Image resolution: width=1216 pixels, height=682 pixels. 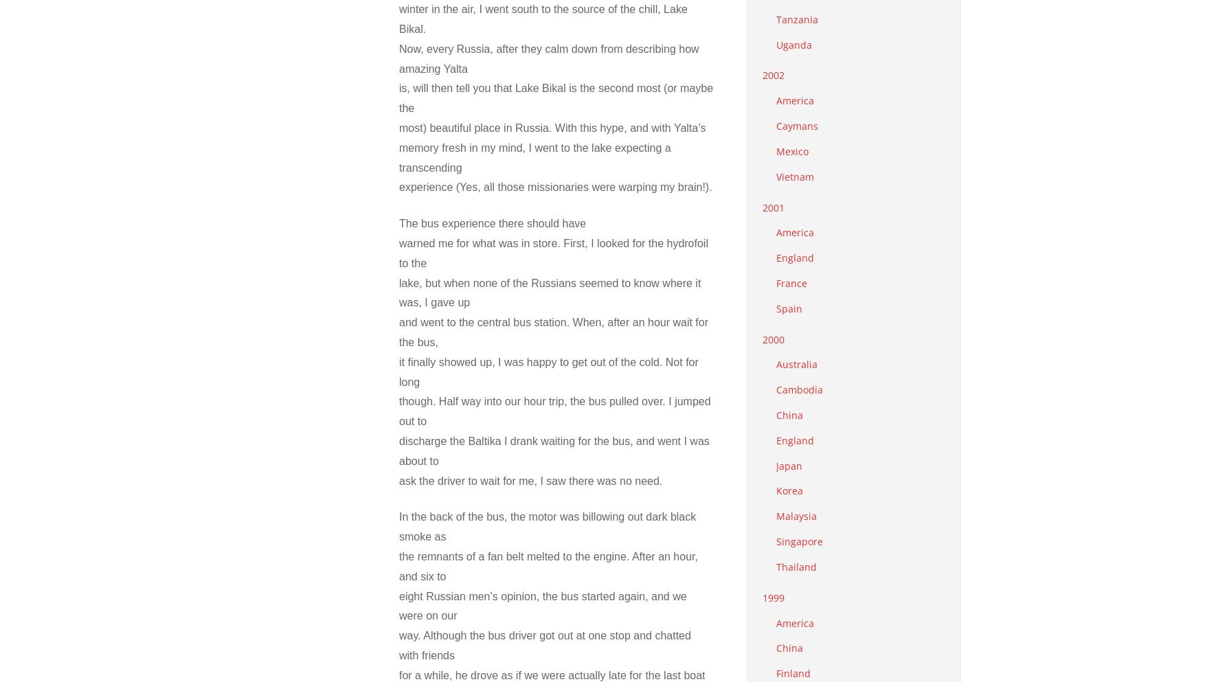 I want to click on 'Tanzania', so click(x=797, y=18).